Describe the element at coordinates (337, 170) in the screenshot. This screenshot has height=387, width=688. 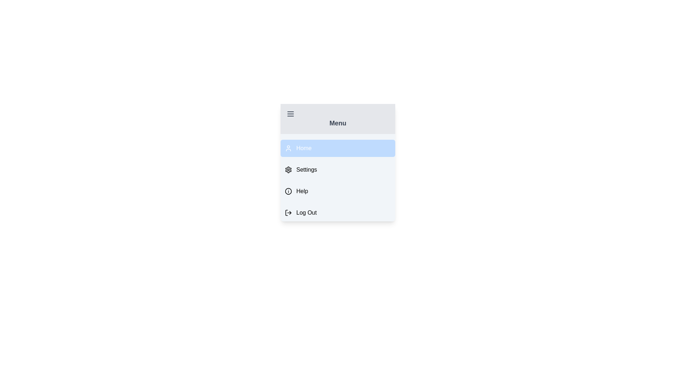
I see `the menu item labeled Settings to observe style changes` at that location.